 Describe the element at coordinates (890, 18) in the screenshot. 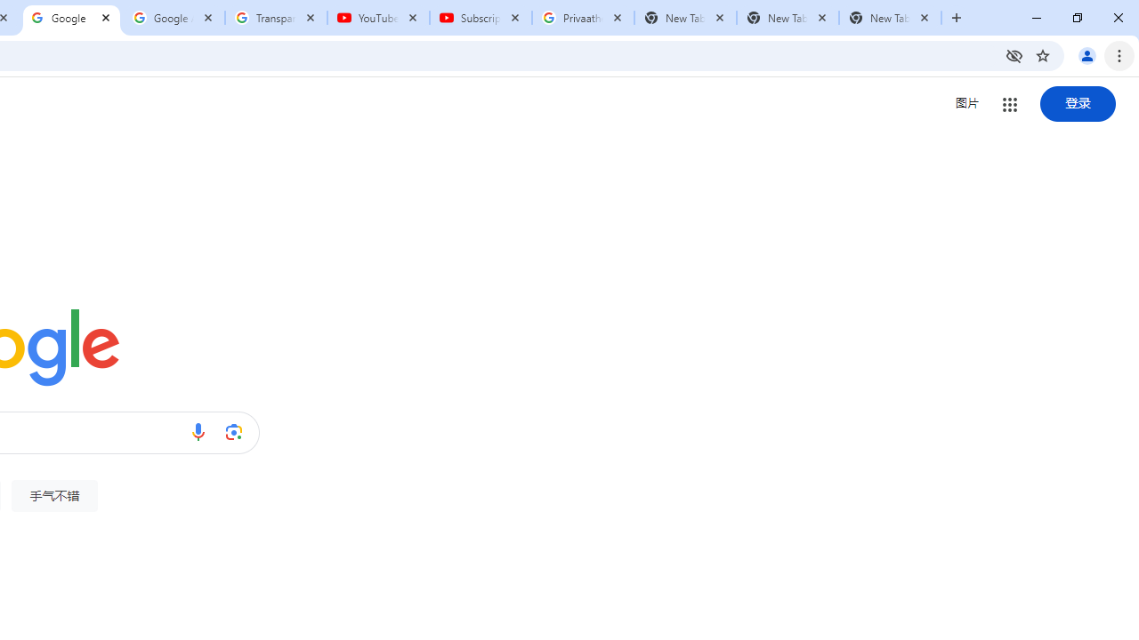

I see `'New Tab'` at that location.